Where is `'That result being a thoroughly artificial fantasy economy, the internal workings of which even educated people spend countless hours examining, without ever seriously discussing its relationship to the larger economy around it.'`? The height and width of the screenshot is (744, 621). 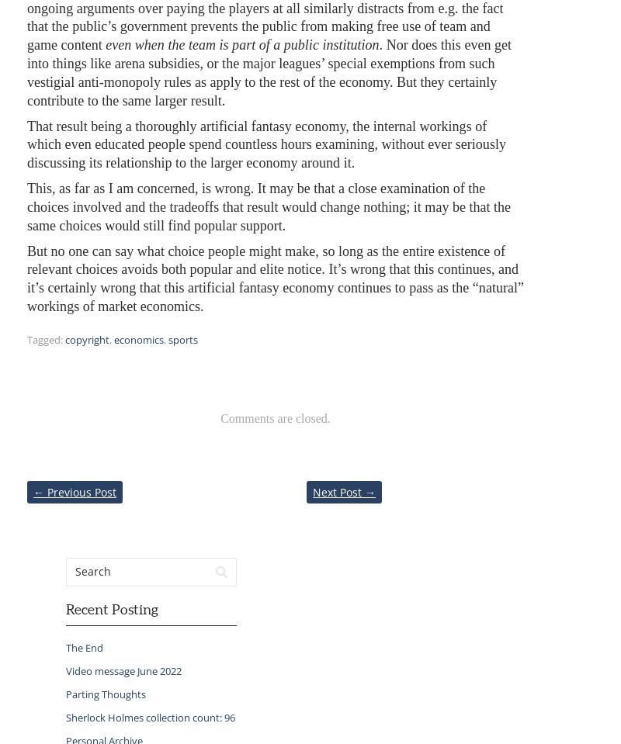
'That result being a thoroughly artificial fantasy economy, the internal workings of which even educated people spend countless hours examining, without ever seriously discussing its relationship to the larger economy around it.' is located at coordinates (265, 144).